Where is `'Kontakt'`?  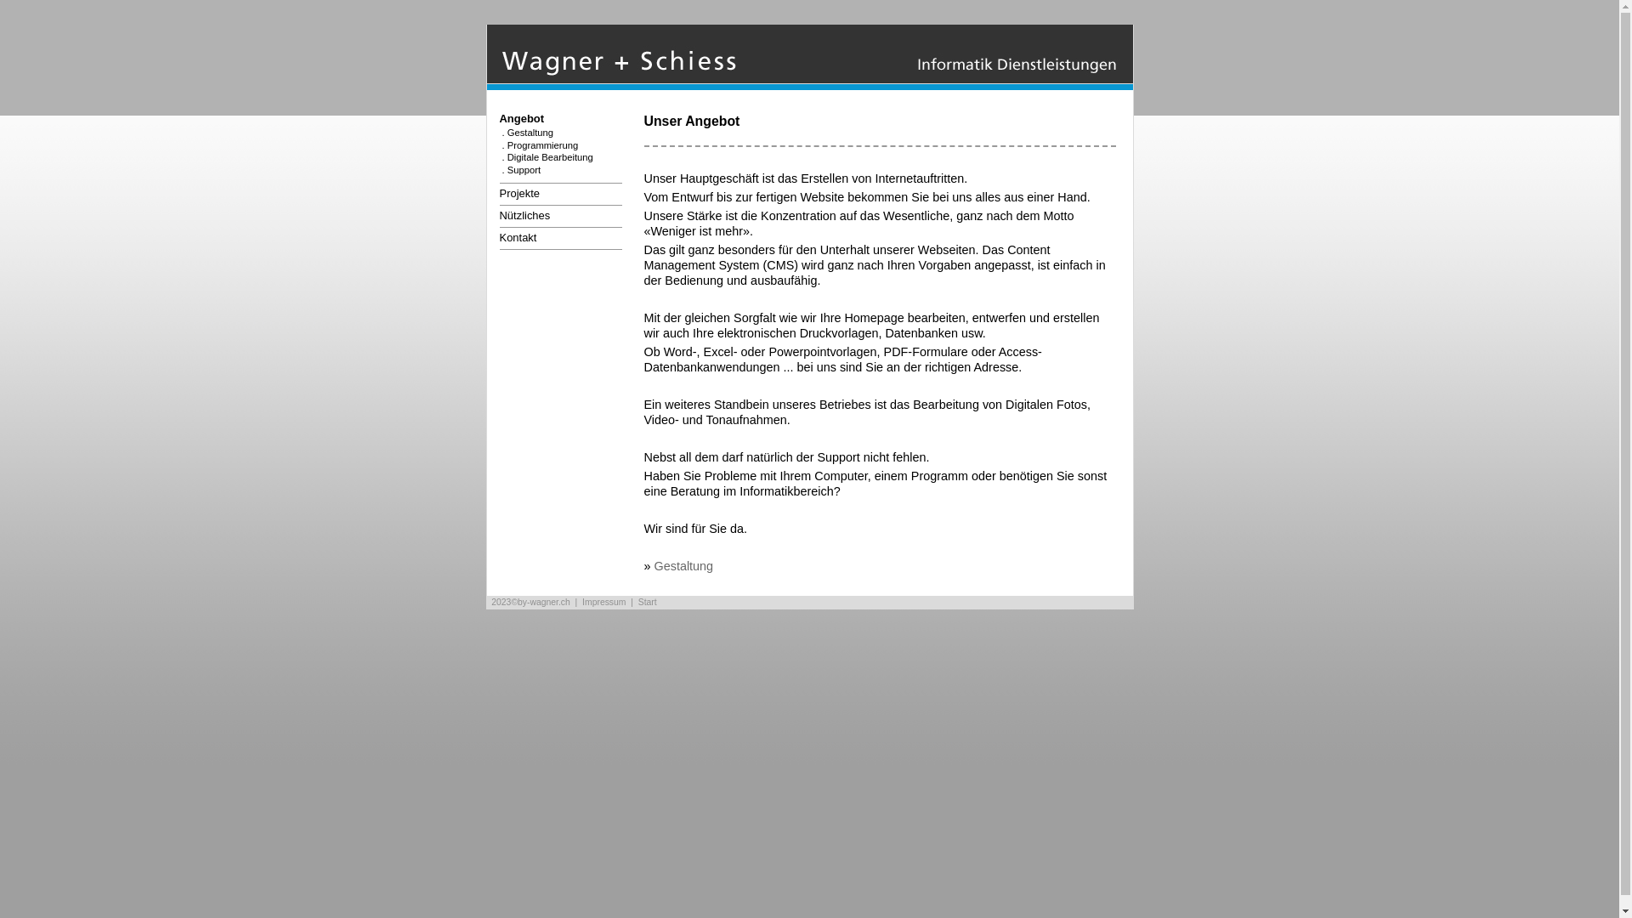
'Kontakt' is located at coordinates (517, 237).